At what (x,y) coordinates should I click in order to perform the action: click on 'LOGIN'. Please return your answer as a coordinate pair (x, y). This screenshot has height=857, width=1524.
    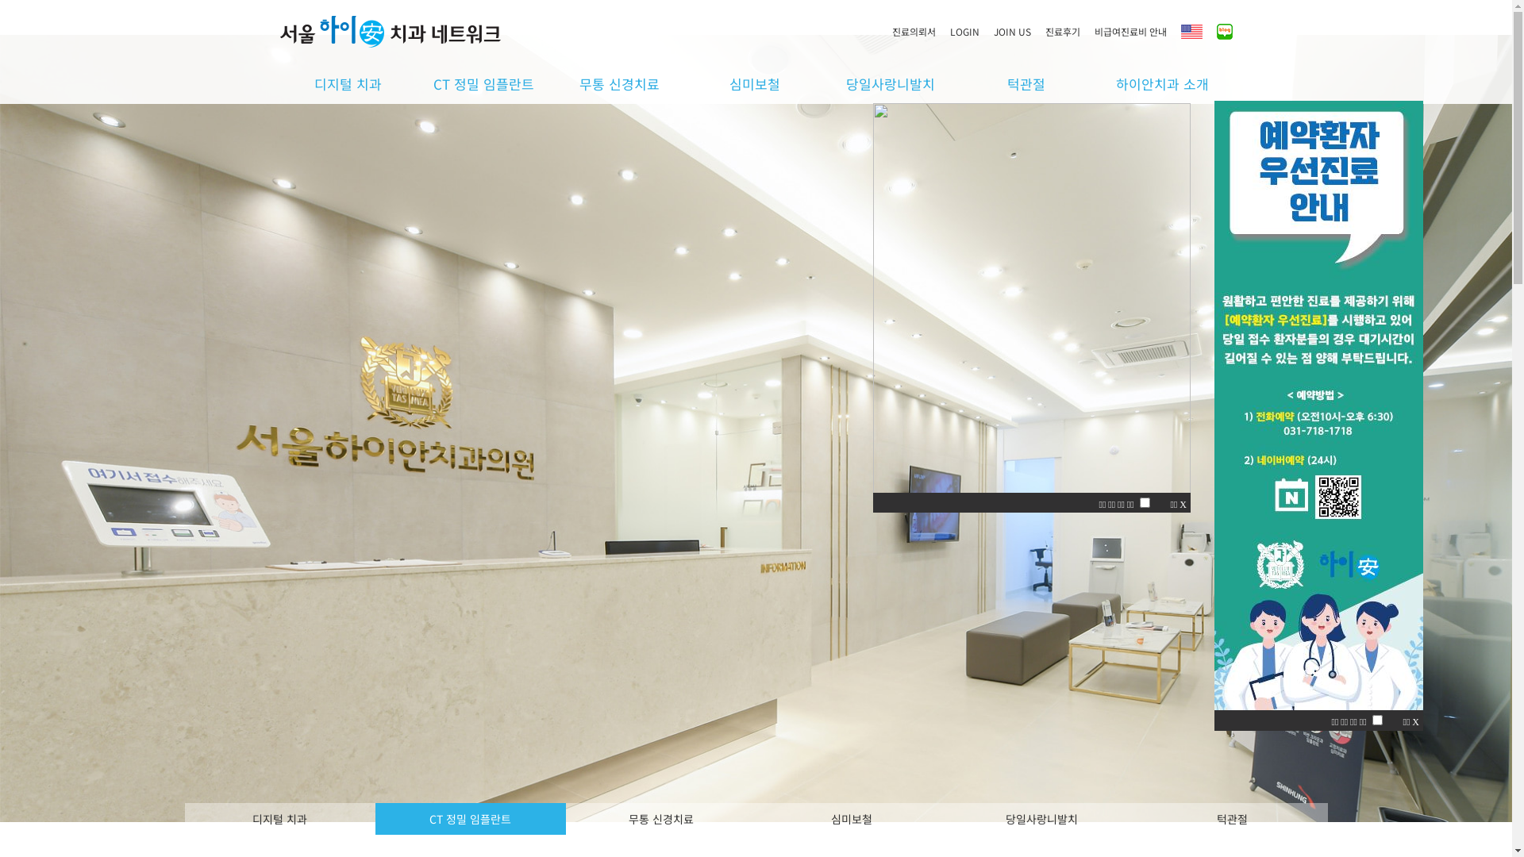
    Looking at the image, I should click on (949, 31).